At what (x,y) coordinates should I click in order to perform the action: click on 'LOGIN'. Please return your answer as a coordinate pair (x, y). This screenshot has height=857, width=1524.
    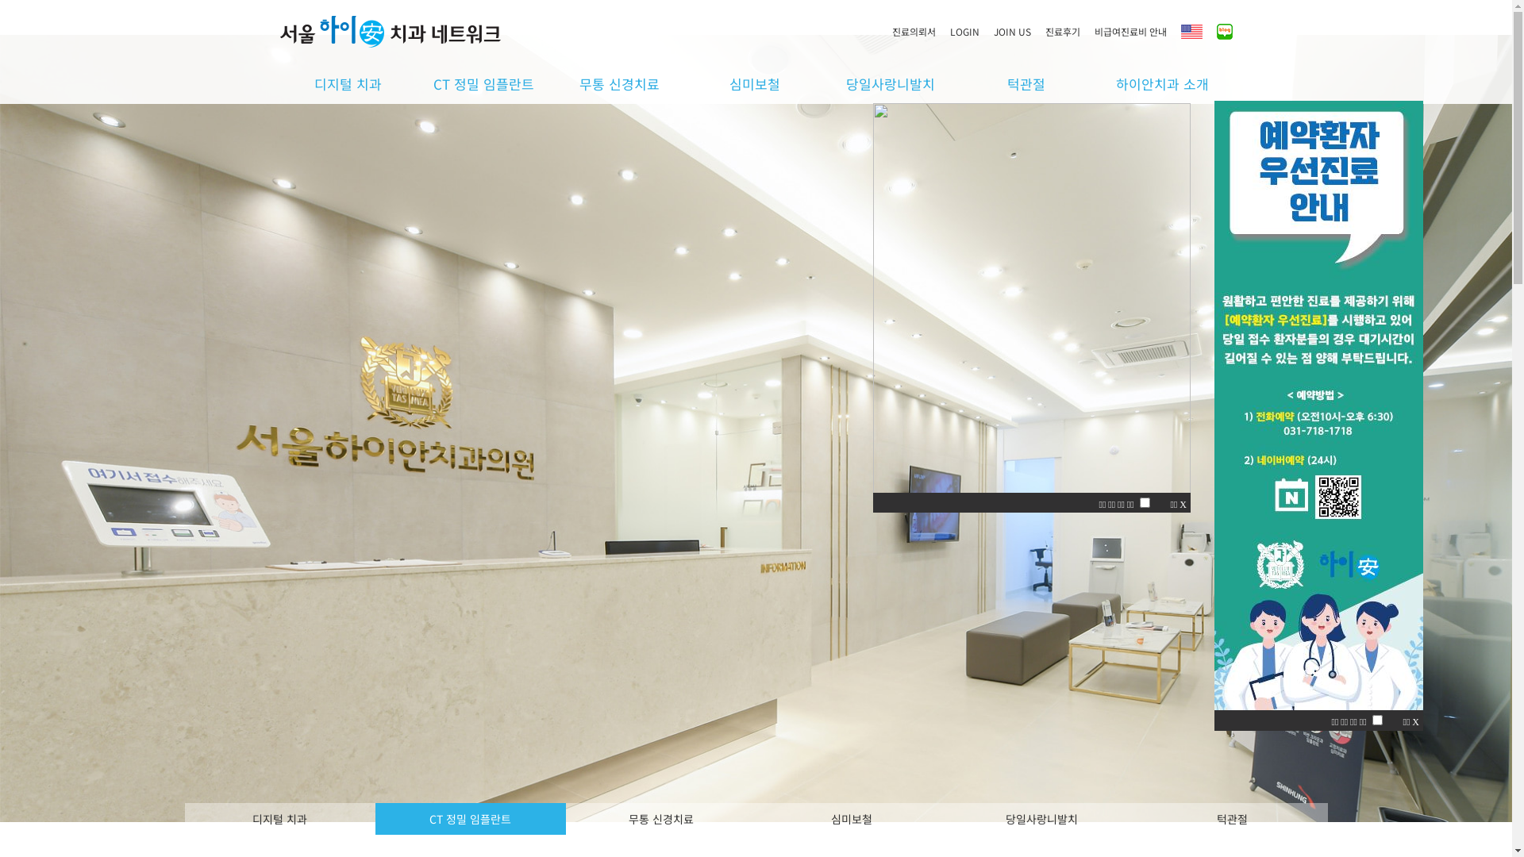
    Looking at the image, I should click on (949, 31).